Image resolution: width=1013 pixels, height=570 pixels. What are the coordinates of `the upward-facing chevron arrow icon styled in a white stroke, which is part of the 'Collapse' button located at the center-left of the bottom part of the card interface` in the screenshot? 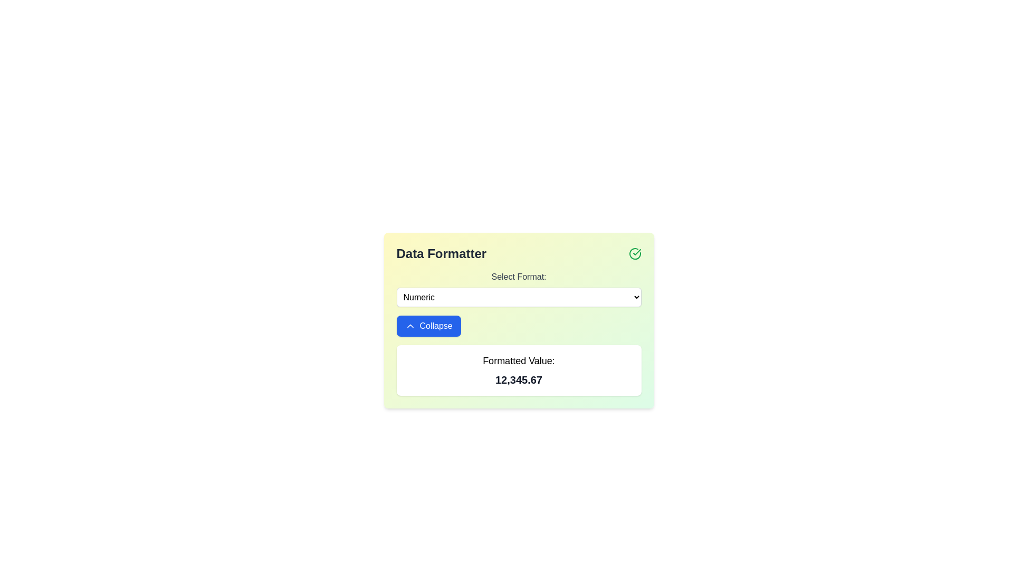 It's located at (409, 325).